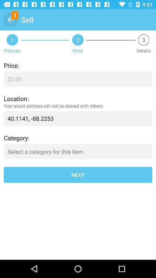  I want to click on prince enter button, so click(78, 79).